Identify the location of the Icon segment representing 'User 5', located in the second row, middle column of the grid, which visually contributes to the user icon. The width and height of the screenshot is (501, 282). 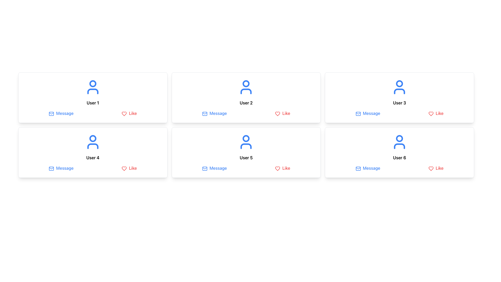
(246, 146).